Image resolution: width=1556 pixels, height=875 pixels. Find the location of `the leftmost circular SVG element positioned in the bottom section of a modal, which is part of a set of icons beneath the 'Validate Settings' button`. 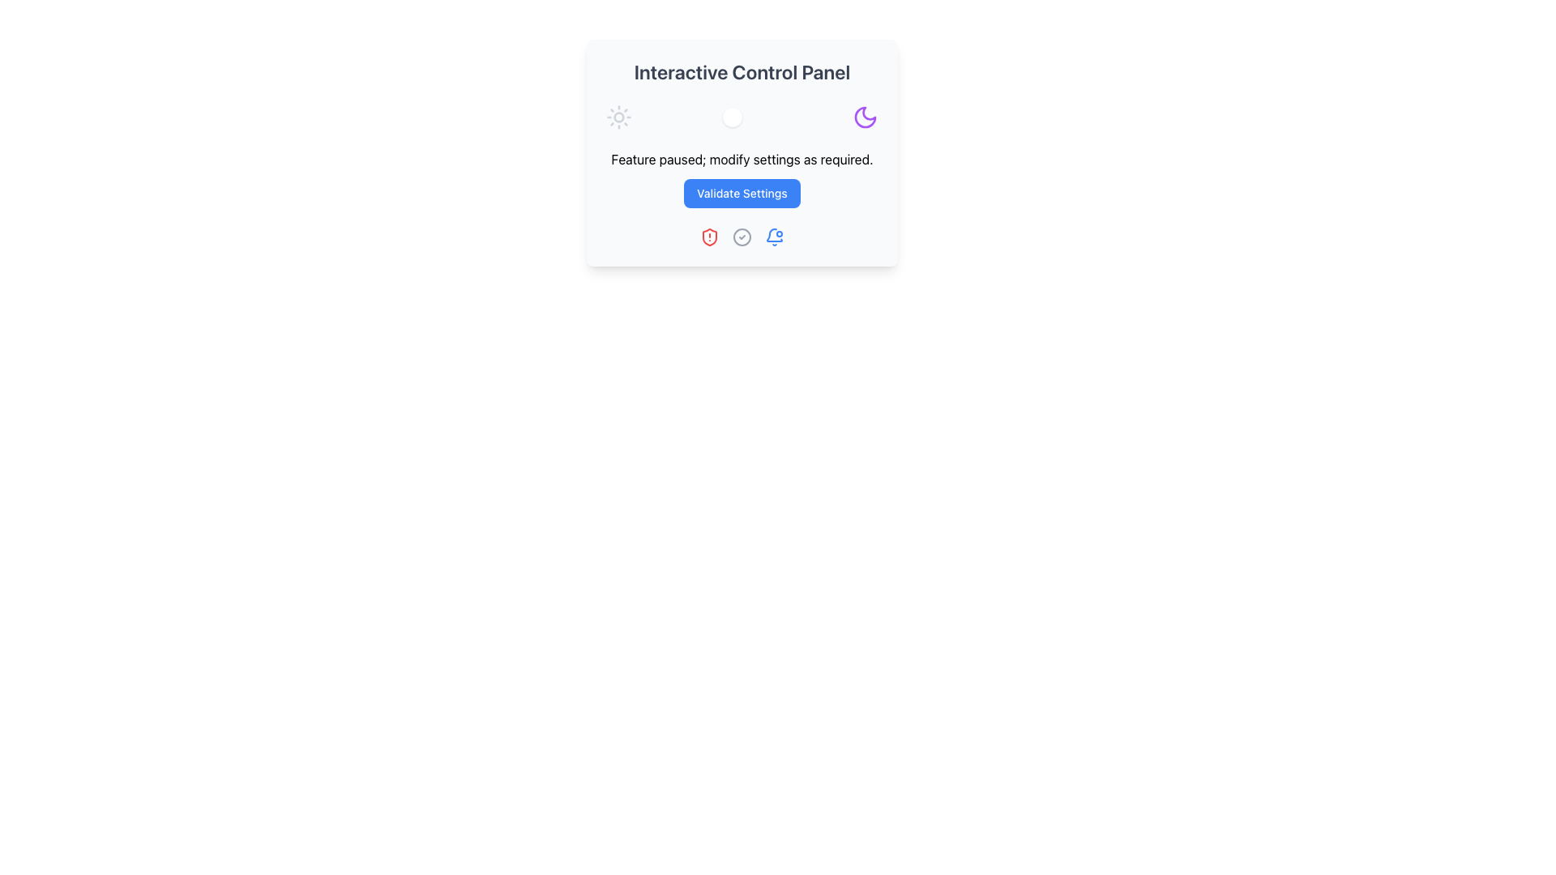

the leftmost circular SVG element positioned in the bottom section of a modal, which is part of a set of icons beneath the 'Validate Settings' button is located at coordinates (742, 237).